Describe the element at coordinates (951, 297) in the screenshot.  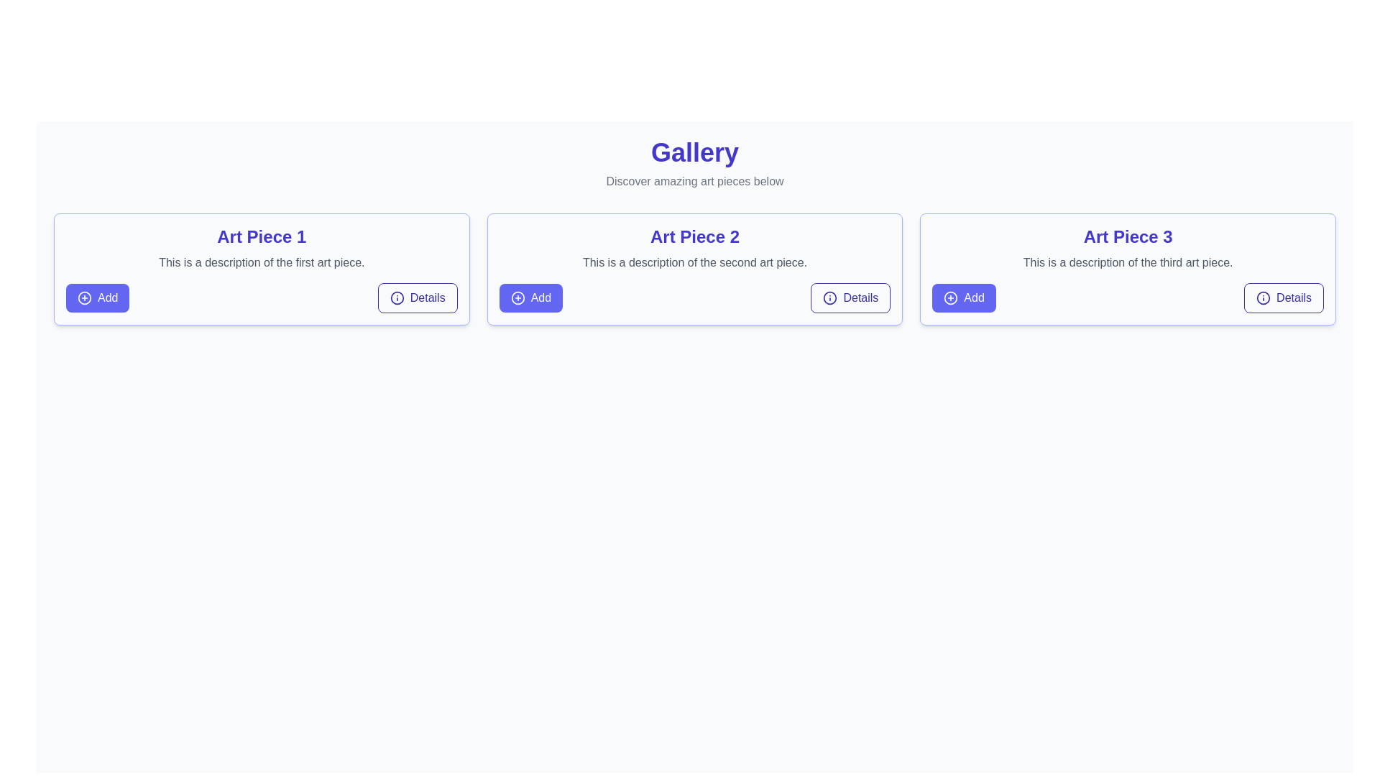
I see `the 'Add' icon associated with the 'Add' button for 'Art Piece 3' located in the third card of the gallery` at that location.